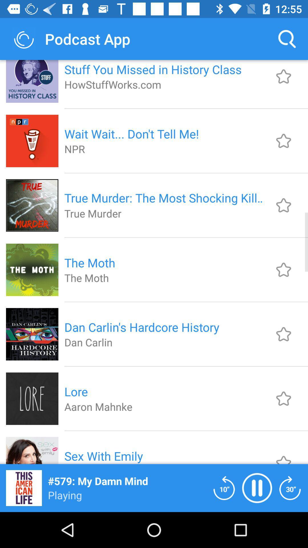  What do you see at coordinates (283, 334) in the screenshot?
I see `favorite` at bounding box center [283, 334].